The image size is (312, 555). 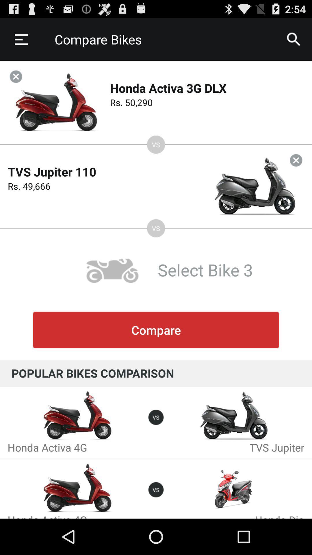 What do you see at coordinates (16, 76) in the screenshot?
I see `the displayed item` at bounding box center [16, 76].